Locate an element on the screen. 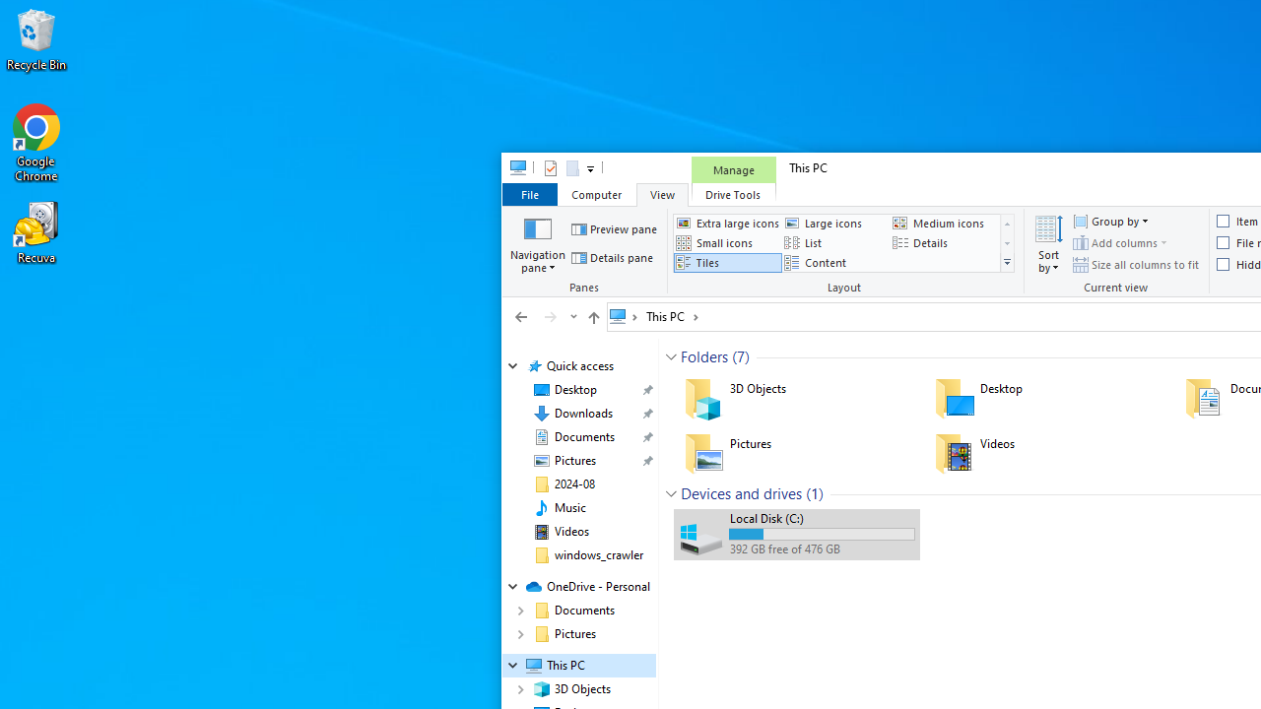  'Layout' is located at coordinates (846, 251).